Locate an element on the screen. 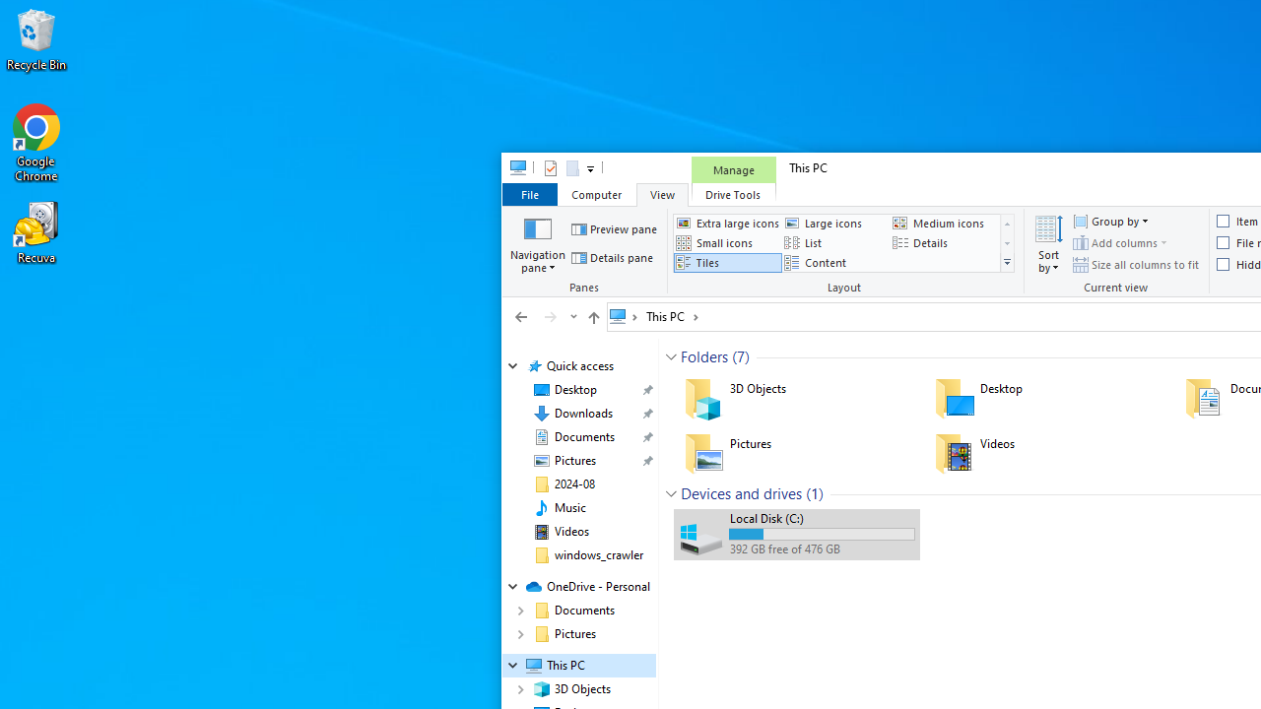  'Layout' is located at coordinates (846, 251).